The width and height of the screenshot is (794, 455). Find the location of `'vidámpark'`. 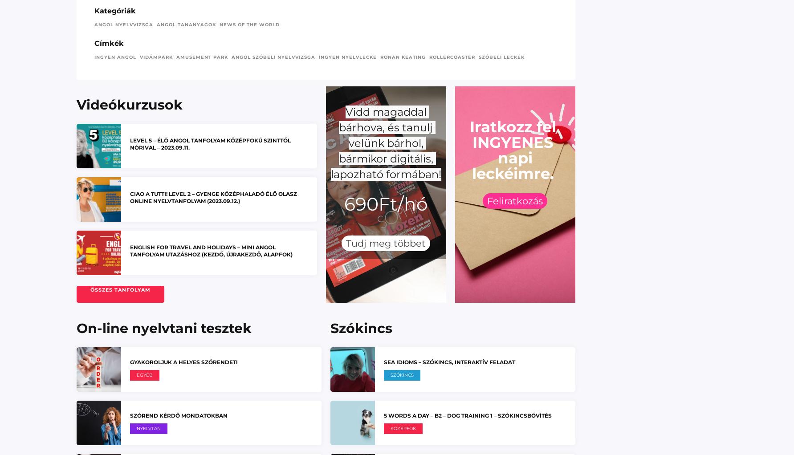

'vidámpark' is located at coordinates (155, 57).